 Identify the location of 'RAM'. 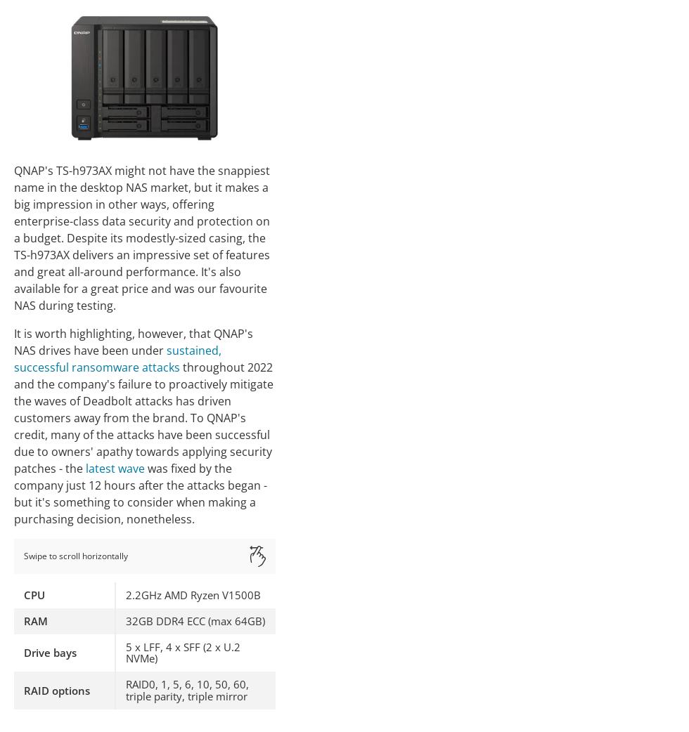
(35, 619).